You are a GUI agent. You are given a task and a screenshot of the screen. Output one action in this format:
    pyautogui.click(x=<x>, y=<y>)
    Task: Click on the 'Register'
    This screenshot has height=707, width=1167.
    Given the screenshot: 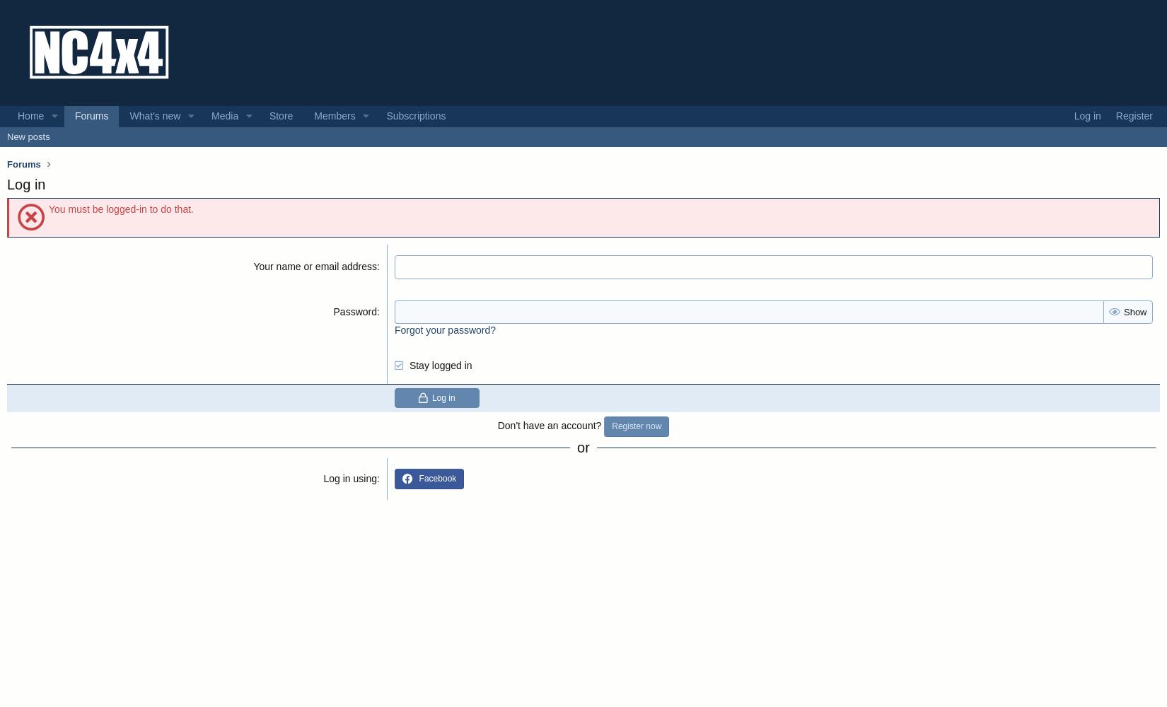 What is the action you would take?
    pyautogui.click(x=1132, y=116)
    